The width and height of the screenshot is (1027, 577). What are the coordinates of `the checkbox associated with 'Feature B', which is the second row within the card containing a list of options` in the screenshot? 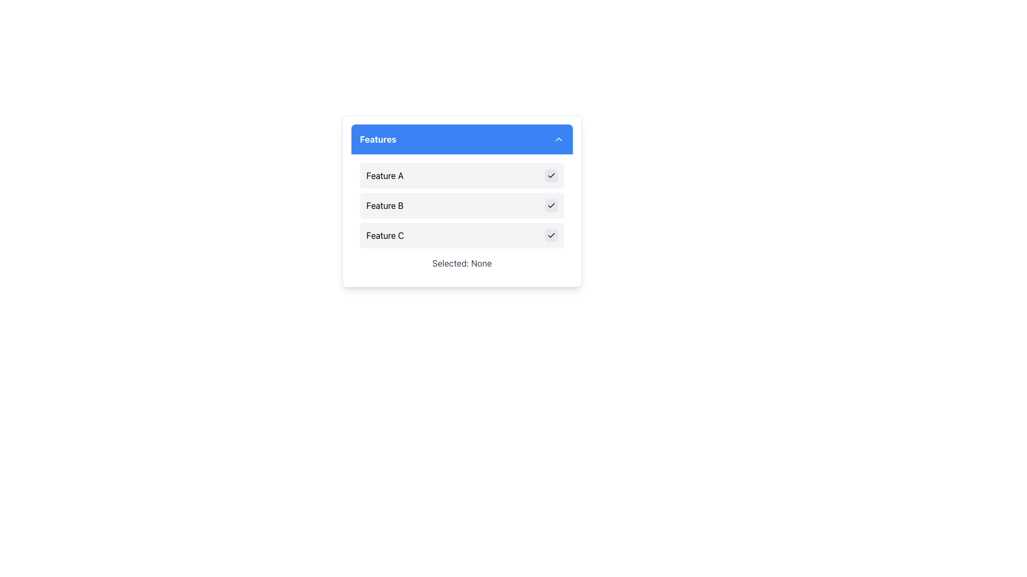 It's located at (462, 201).